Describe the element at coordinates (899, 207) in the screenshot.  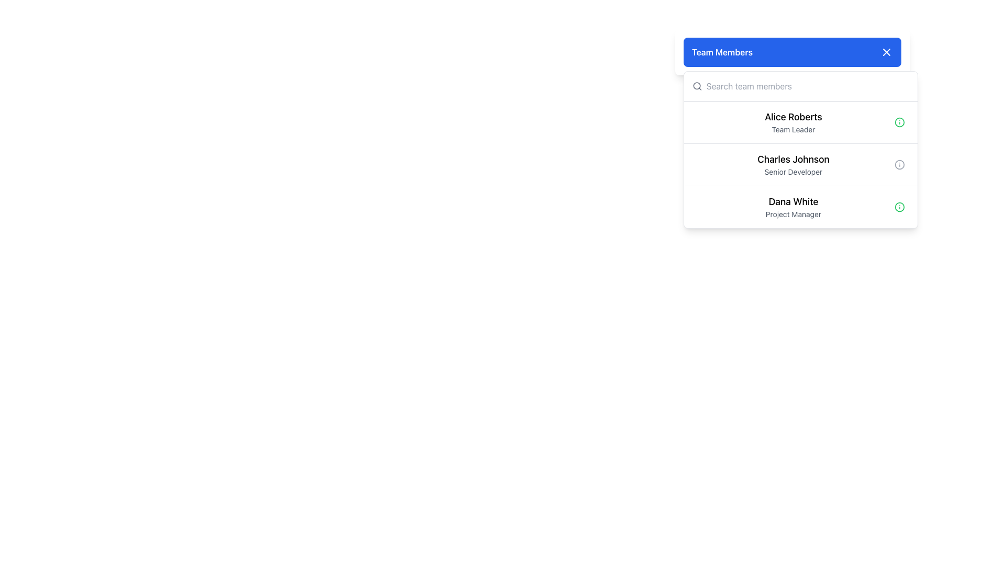
I see `the green circular information icon located to the right of 'Dana White' and 'Project Manager' in the 'Team Members' section` at that location.